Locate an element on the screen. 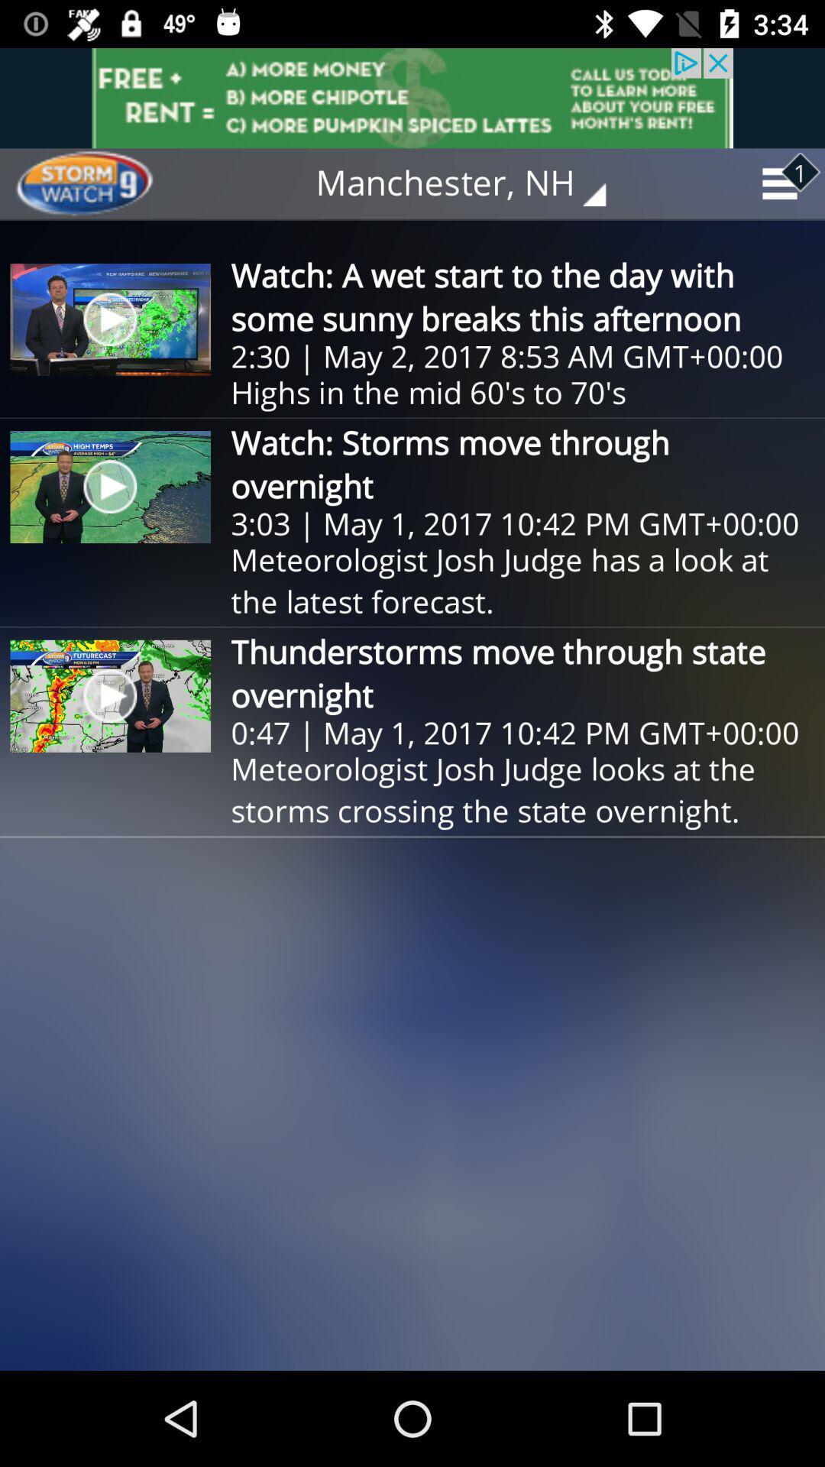 This screenshot has width=825, height=1467. item next to the manchester, nh is located at coordinates (100, 183).